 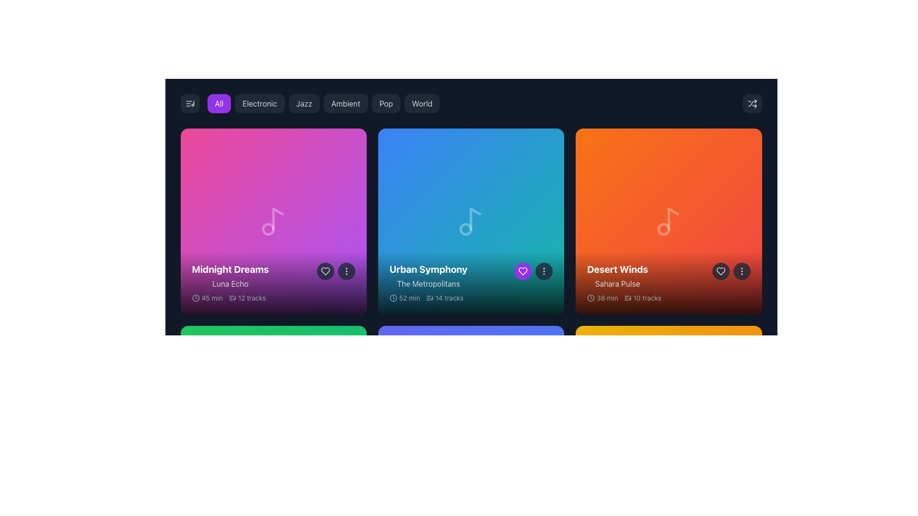 I want to click on text information displayed in the text display element containing the heading 'Urban Symphony' and the subtext 'The Metropolitans', which is center-aligned within a bright blue card, so click(x=428, y=276).